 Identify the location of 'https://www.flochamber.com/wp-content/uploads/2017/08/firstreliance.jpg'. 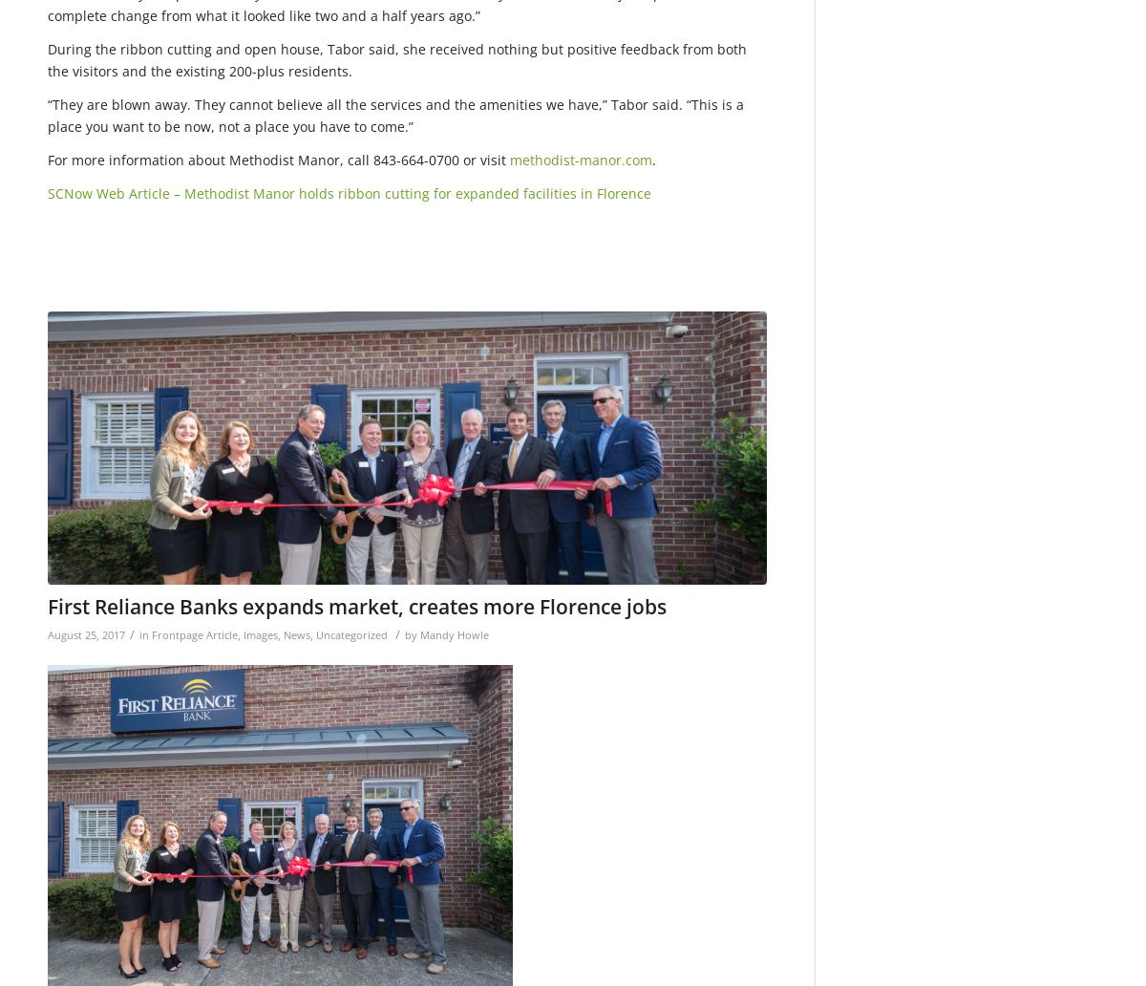
(48, 322).